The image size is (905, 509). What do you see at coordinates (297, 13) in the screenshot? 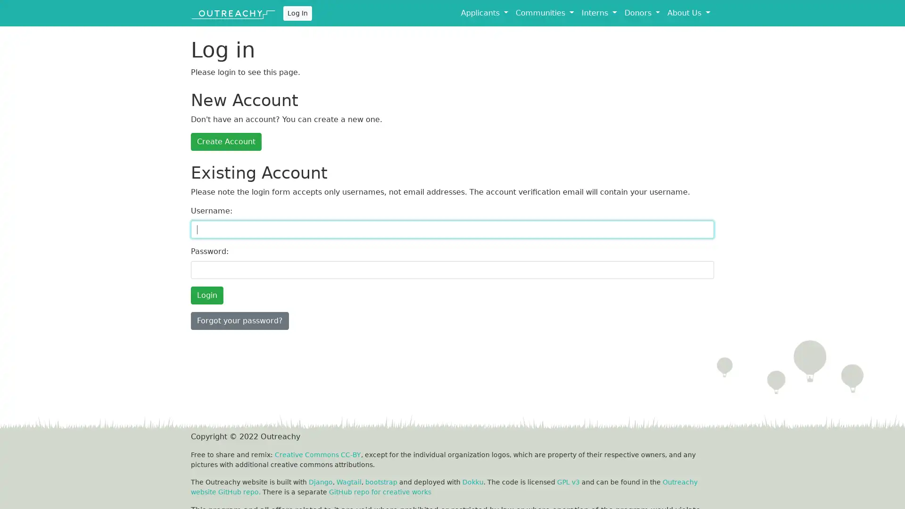
I see `Log In` at bounding box center [297, 13].